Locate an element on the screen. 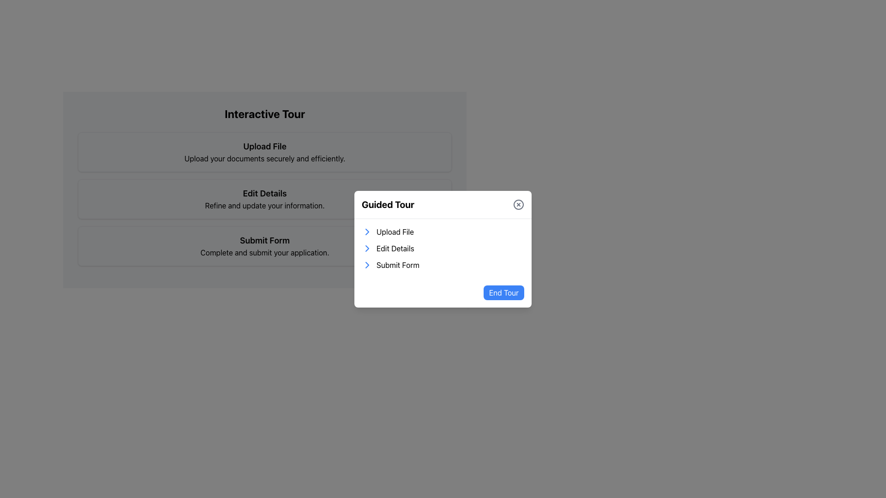 The image size is (886, 498). the chevron icon located next to the 'Submit Form' label is located at coordinates (367, 265).